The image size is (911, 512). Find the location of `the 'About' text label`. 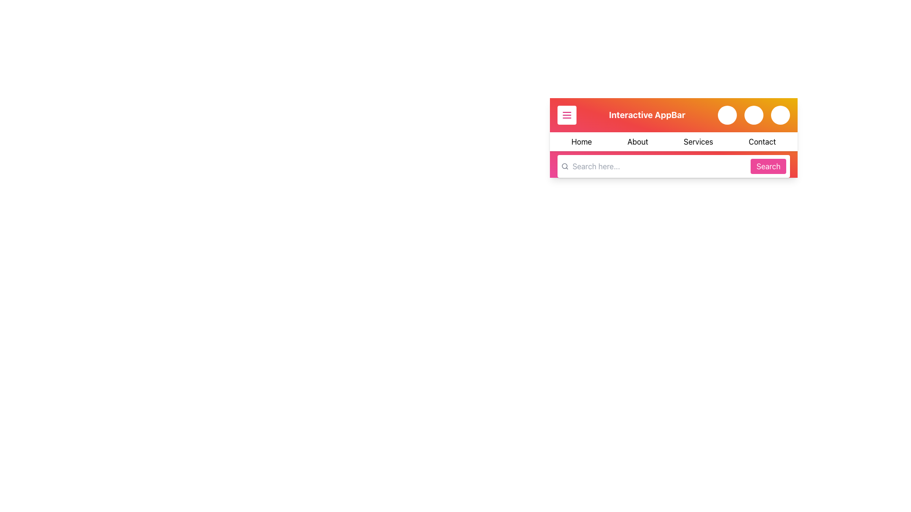

the 'About' text label is located at coordinates (638, 142).